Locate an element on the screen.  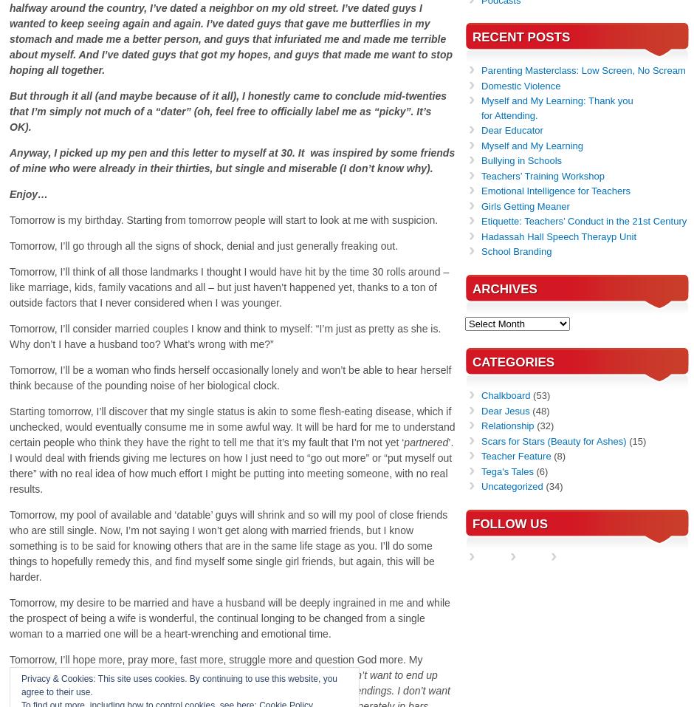
'Starting tomorrow, I’ll discover that my single status is akin to some flesh-eating disease, which if unchecked, would eventually consume me in some awful way. It will be hard for me to understand certain people who think they have the right to tell me that it’s my fault that I’m not yet ‘' is located at coordinates (232, 426).